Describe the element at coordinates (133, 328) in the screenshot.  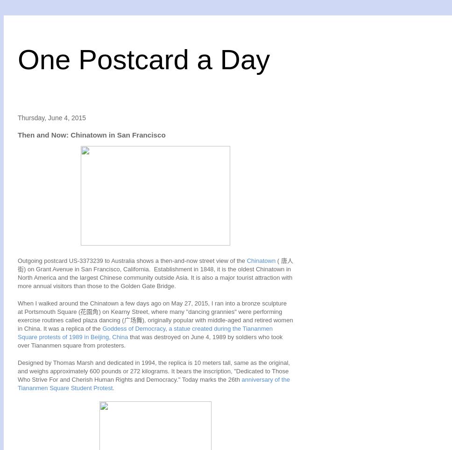
I see `'Goddess of Democracy'` at that location.